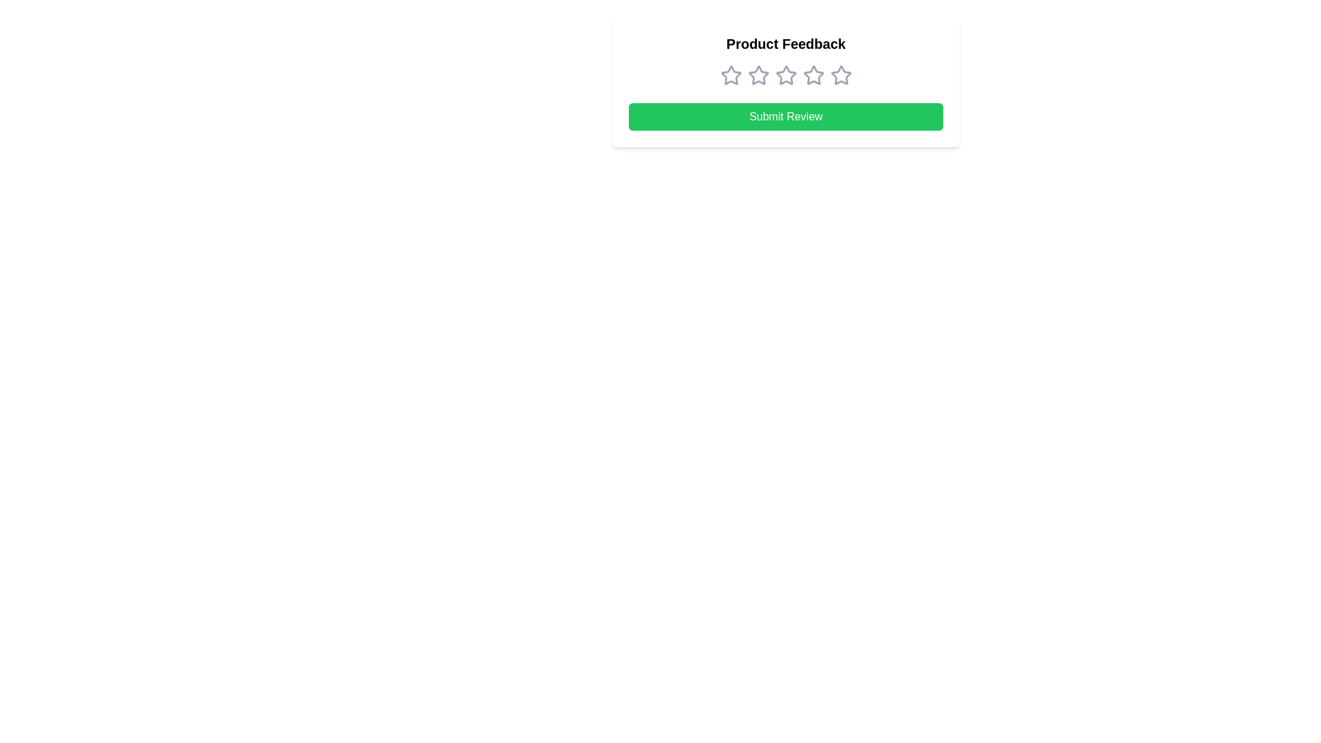 The width and height of the screenshot is (1321, 743). Describe the element at coordinates (840, 76) in the screenshot. I see `the fifth star in the horizontal sequence` at that location.